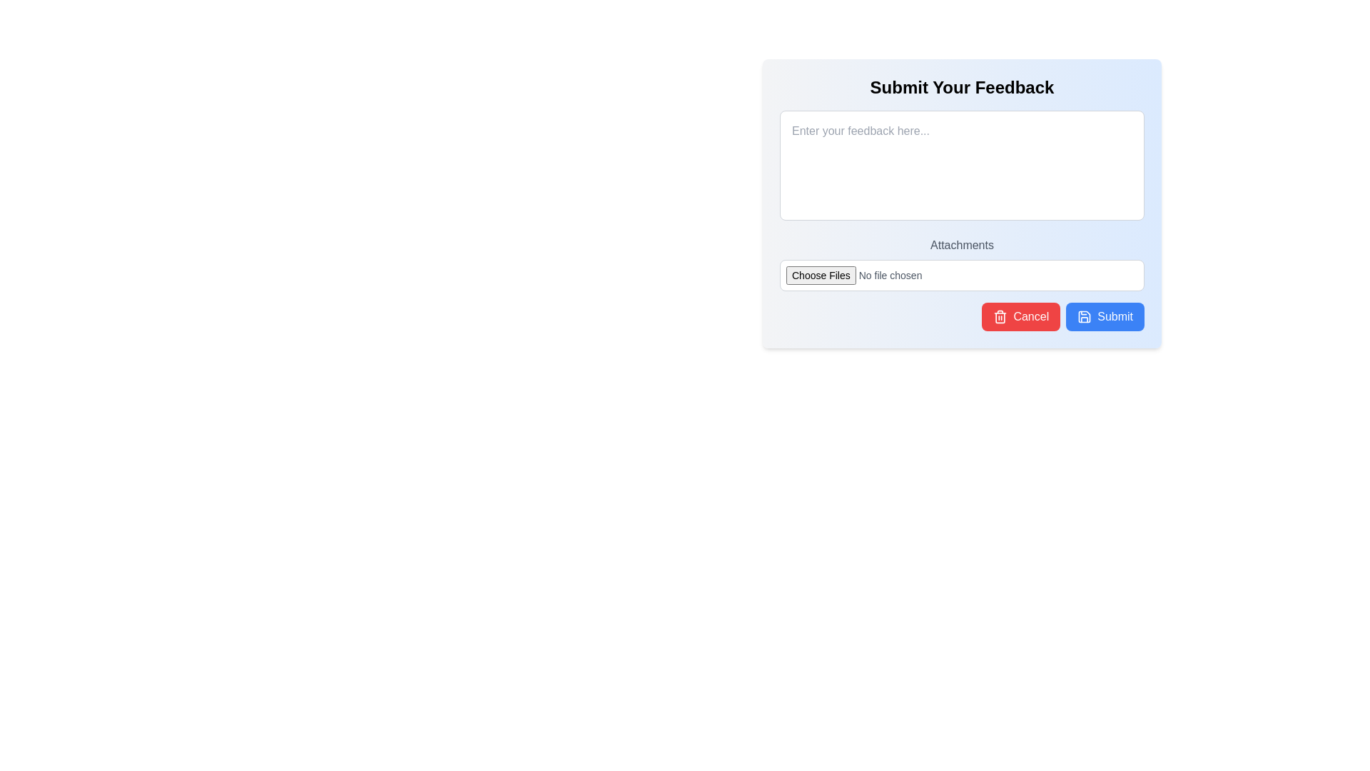  Describe the element at coordinates (1085, 316) in the screenshot. I see `the blue 'Submit' button located in the bottom-right corner of the form, which contains an icon to enhance visual communication for submission` at that location.